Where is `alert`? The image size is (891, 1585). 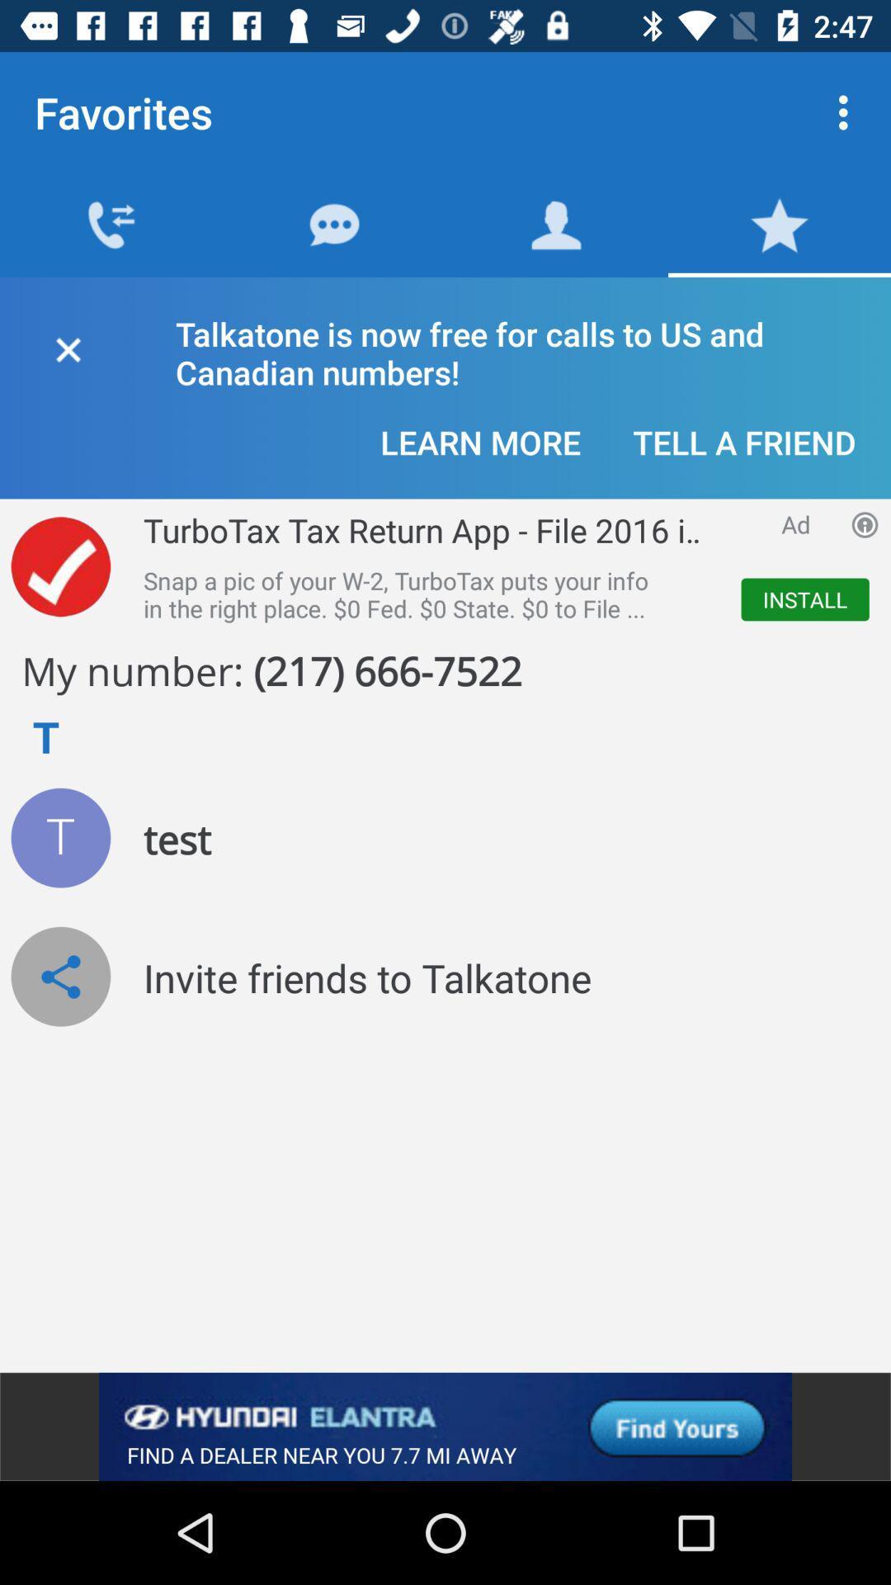 alert is located at coordinates (67, 346).